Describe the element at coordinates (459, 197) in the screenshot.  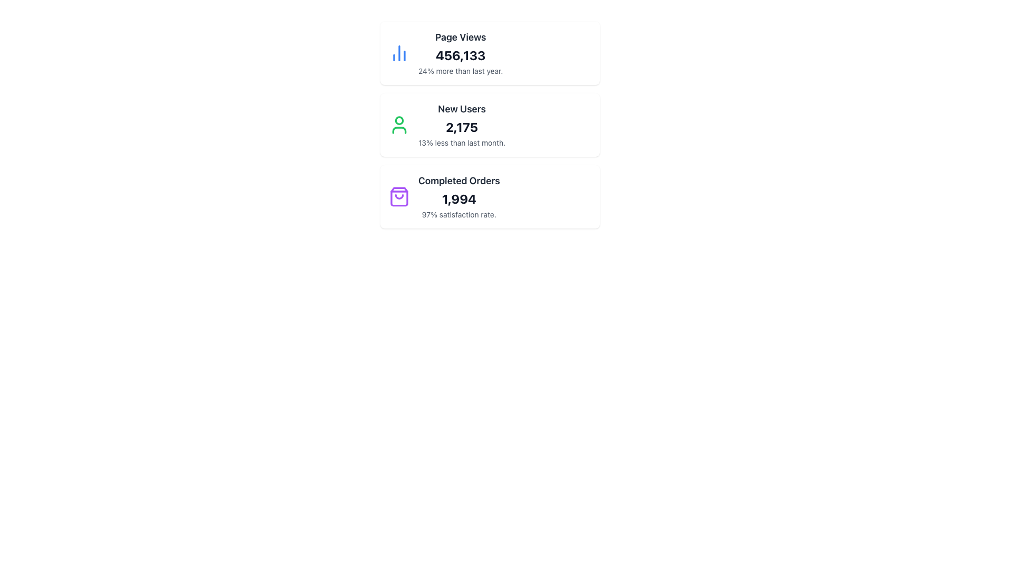
I see `information displayed in the 'Completed Orders' section, which shows '1,994' and '97% satisfaction rate.'` at that location.